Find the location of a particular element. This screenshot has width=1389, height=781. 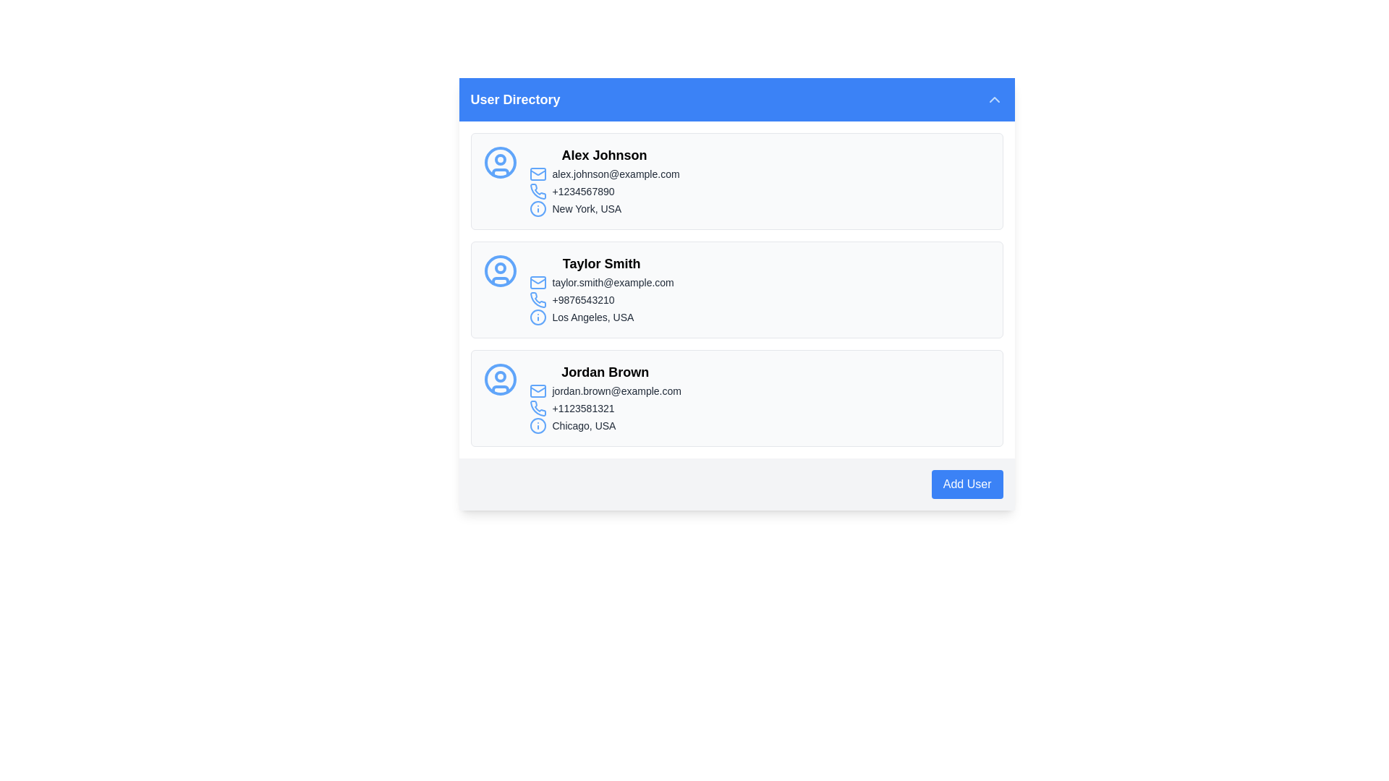

the email address 'taylor.smith@example.com' displayed in gray font to highlight it is located at coordinates (601, 282).